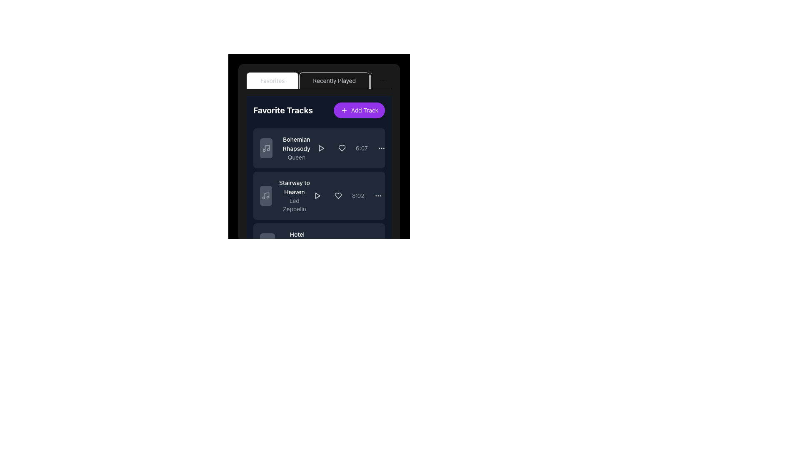  What do you see at coordinates (319, 80) in the screenshot?
I see `the Tab Navigation Bar located at the top-center of the application` at bounding box center [319, 80].